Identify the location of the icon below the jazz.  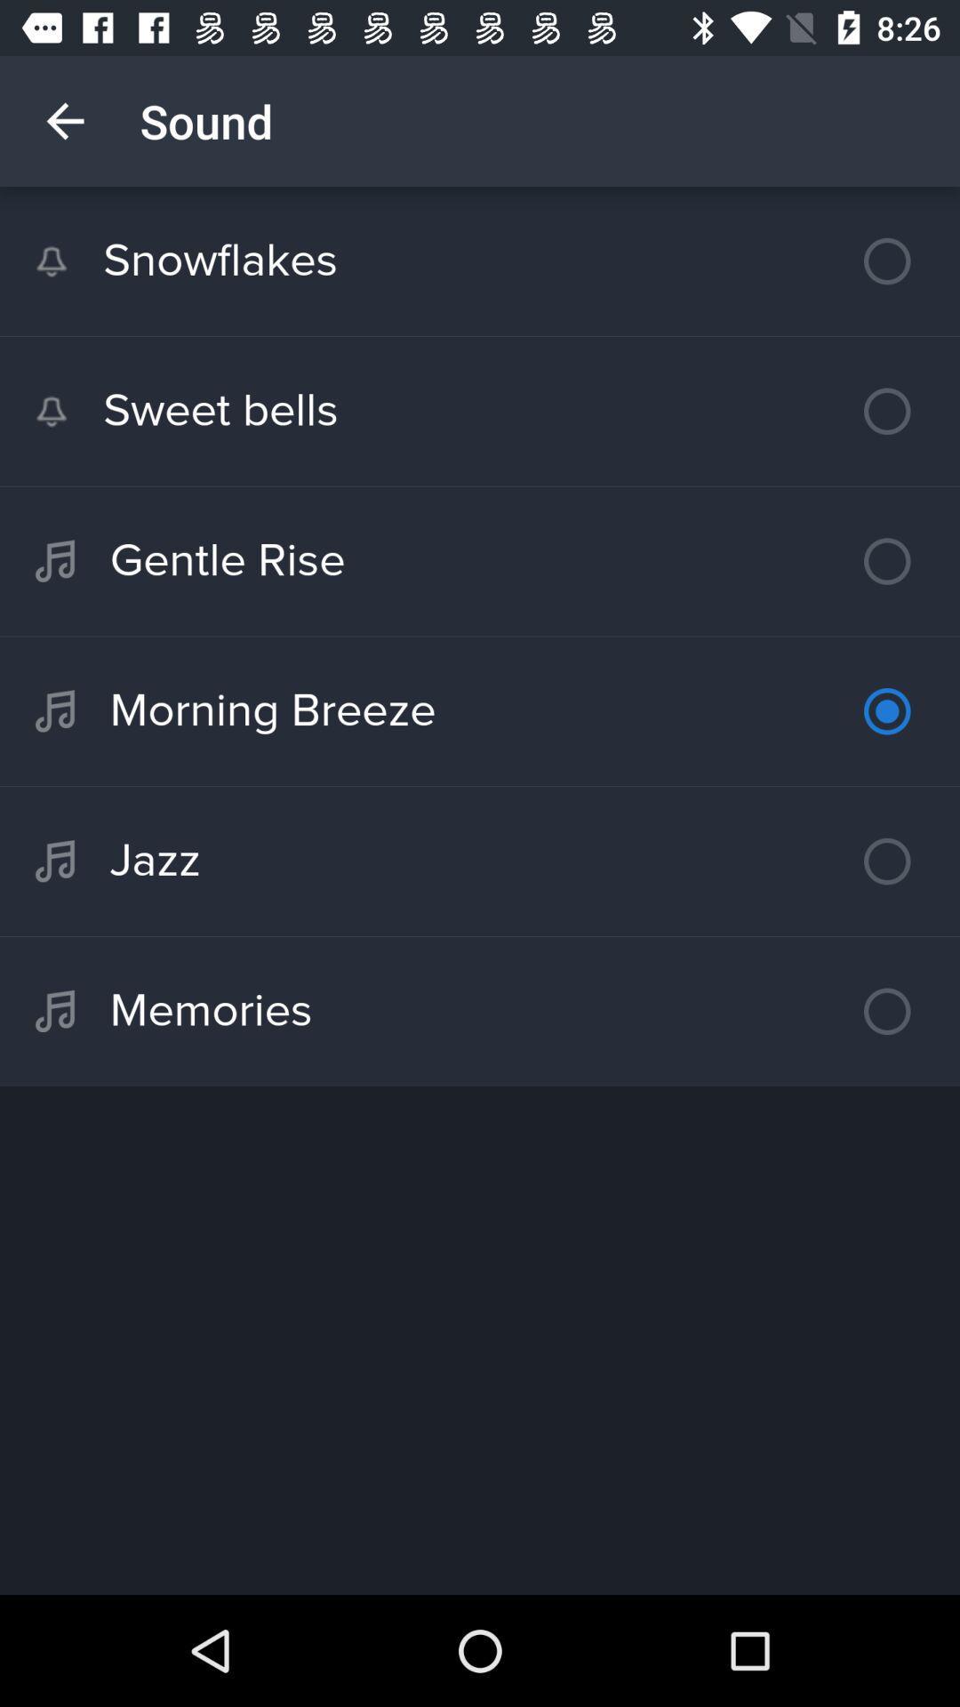
(480, 1011).